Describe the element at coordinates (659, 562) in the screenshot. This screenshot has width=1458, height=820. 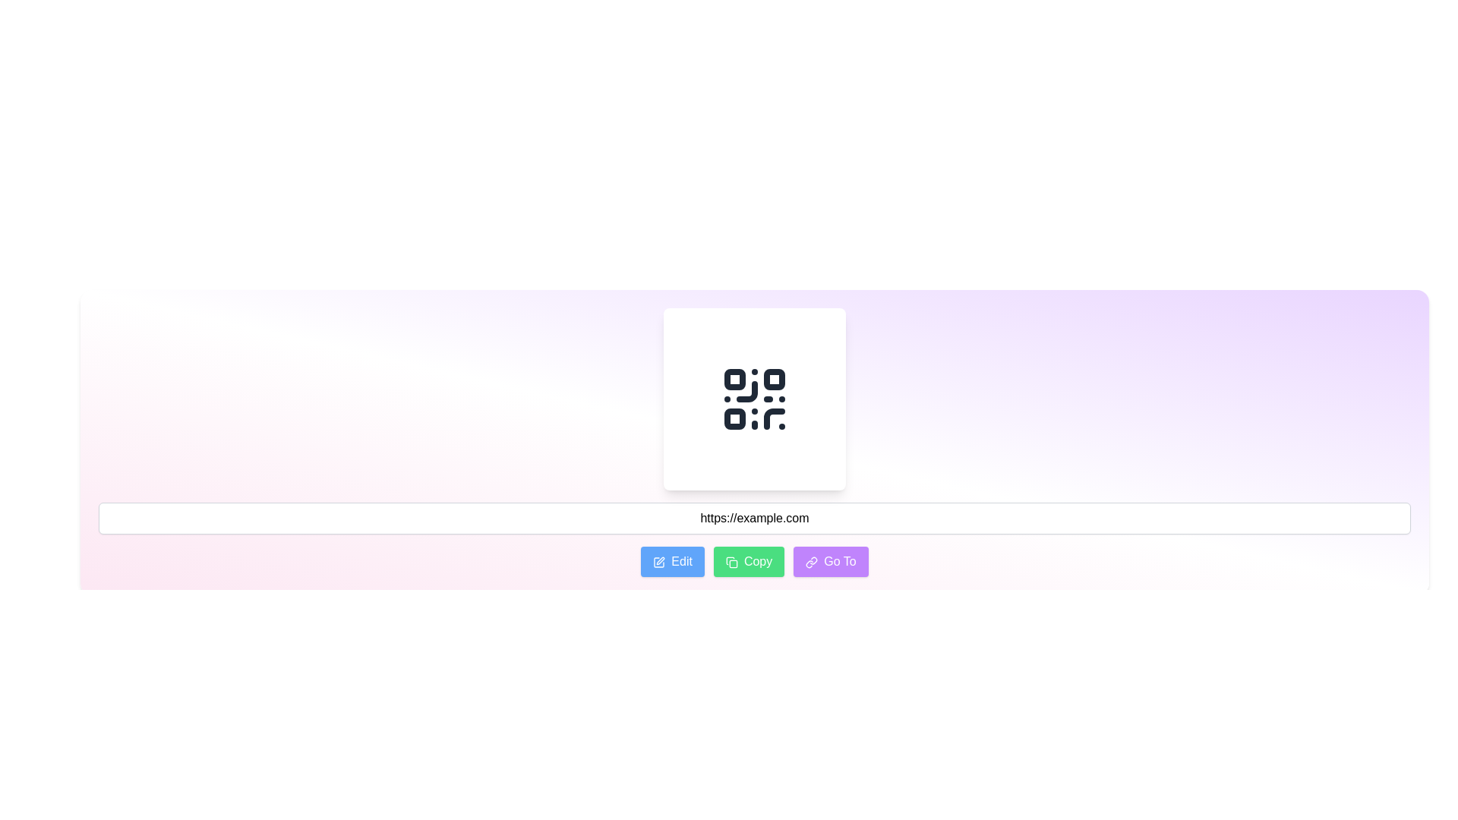
I see `the pen icon that is part of the 'Edit' button located in the lower left corner of the interface` at that location.